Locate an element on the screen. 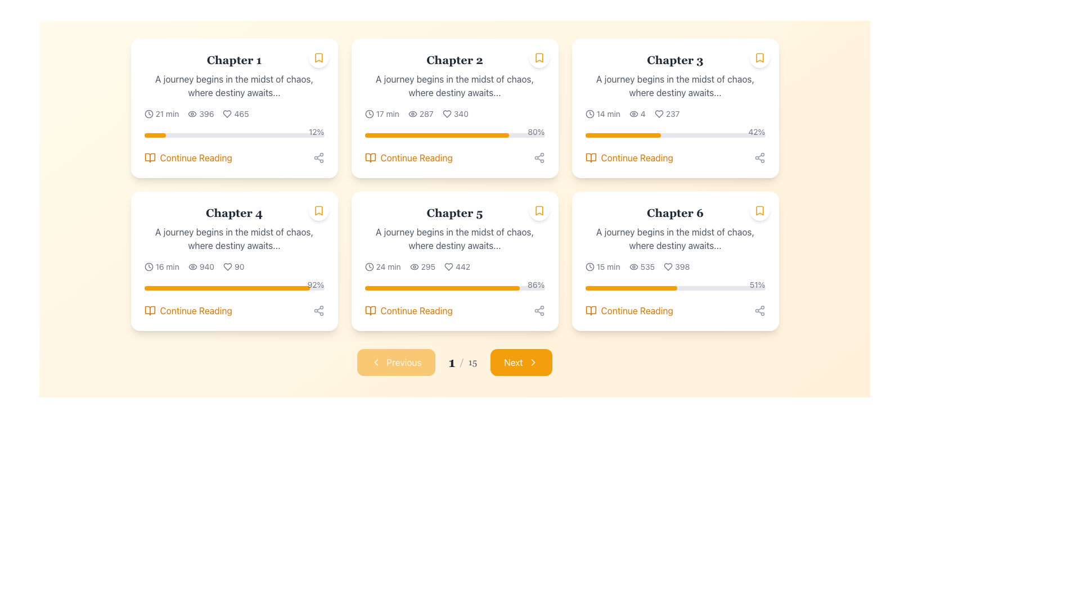 This screenshot has width=1080, height=607. the static text displaying '90' which indicates user engagement, located next to the heart icon in the 'Chapter 4' section of the interface is located at coordinates (238, 266).